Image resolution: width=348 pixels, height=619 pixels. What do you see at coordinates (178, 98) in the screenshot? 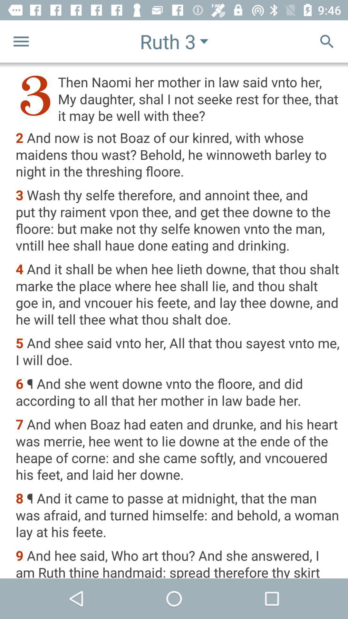
I see `the then naomi her` at bounding box center [178, 98].